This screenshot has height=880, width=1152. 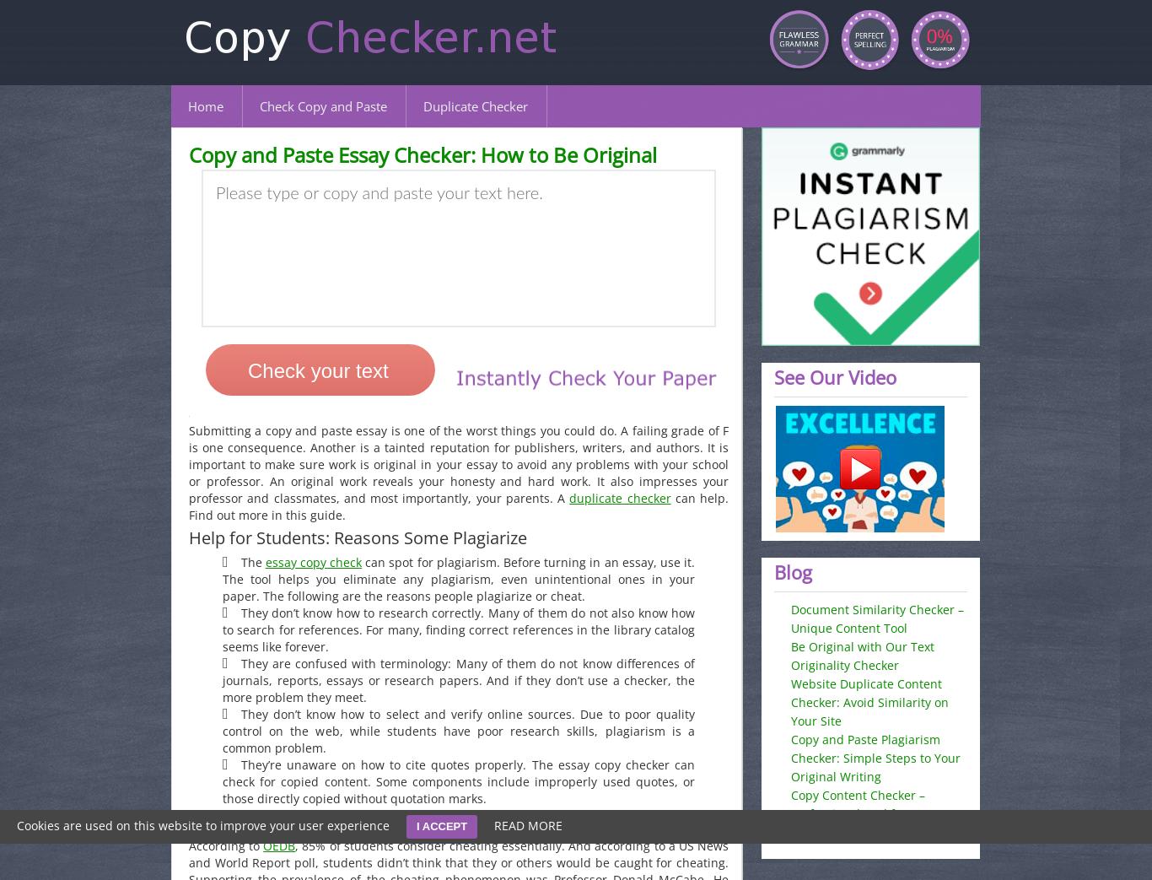 What do you see at coordinates (458, 505) in the screenshot?
I see `'can help. Find out more in this guide.'` at bounding box center [458, 505].